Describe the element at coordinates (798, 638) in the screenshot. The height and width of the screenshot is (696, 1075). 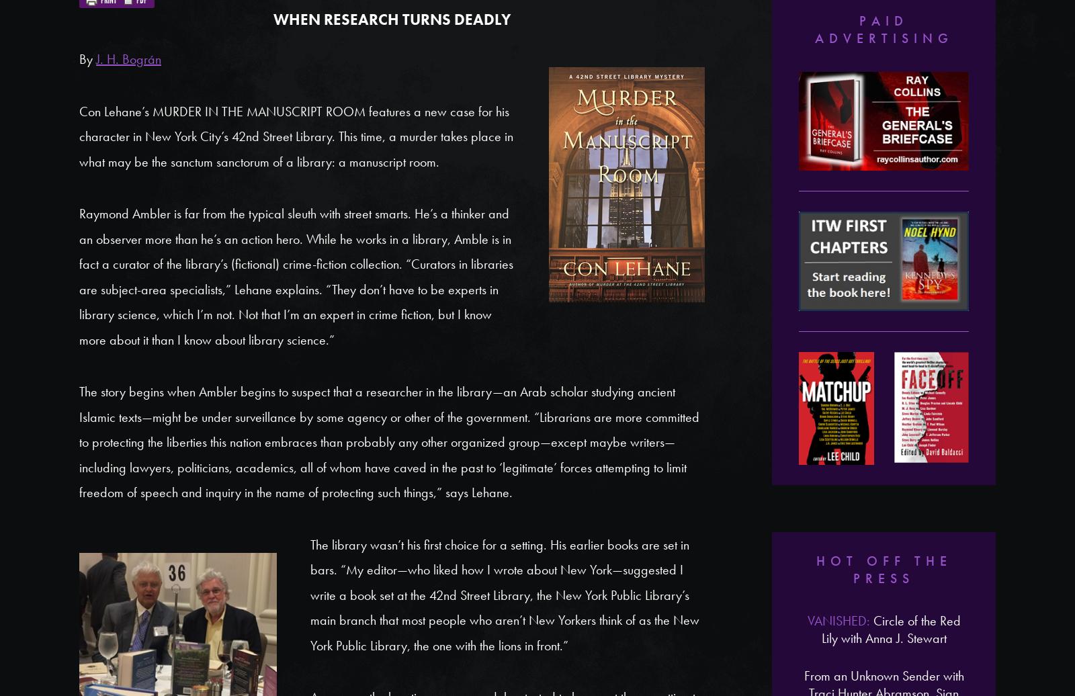
I see `'Patricia Cornwell'` at that location.